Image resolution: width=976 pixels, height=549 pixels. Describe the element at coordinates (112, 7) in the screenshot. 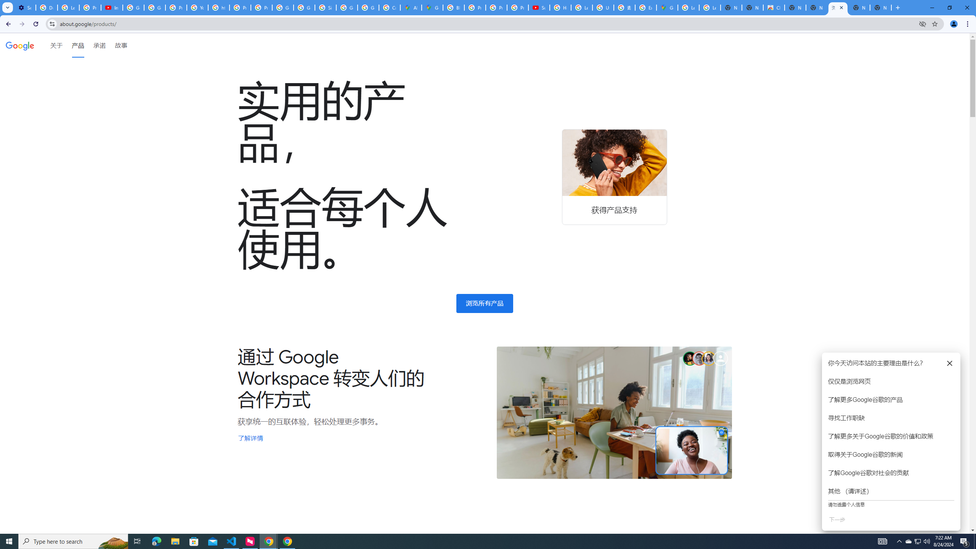

I see `'Introduction | Google Privacy Policy - YouTube'` at that location.